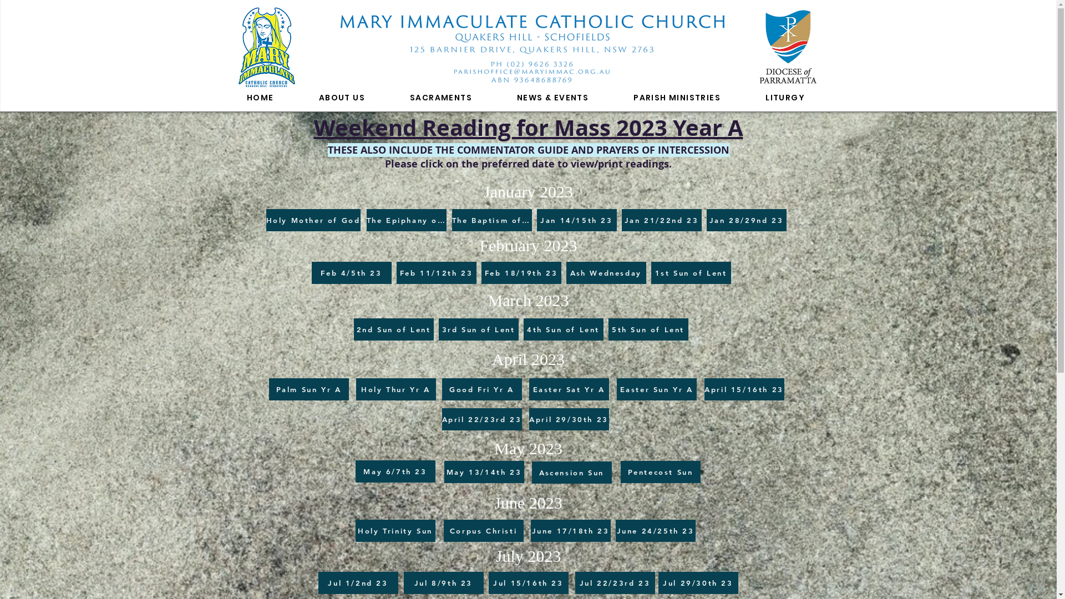  I want to click on 'April 22/23rd 23', so click(481, 419).